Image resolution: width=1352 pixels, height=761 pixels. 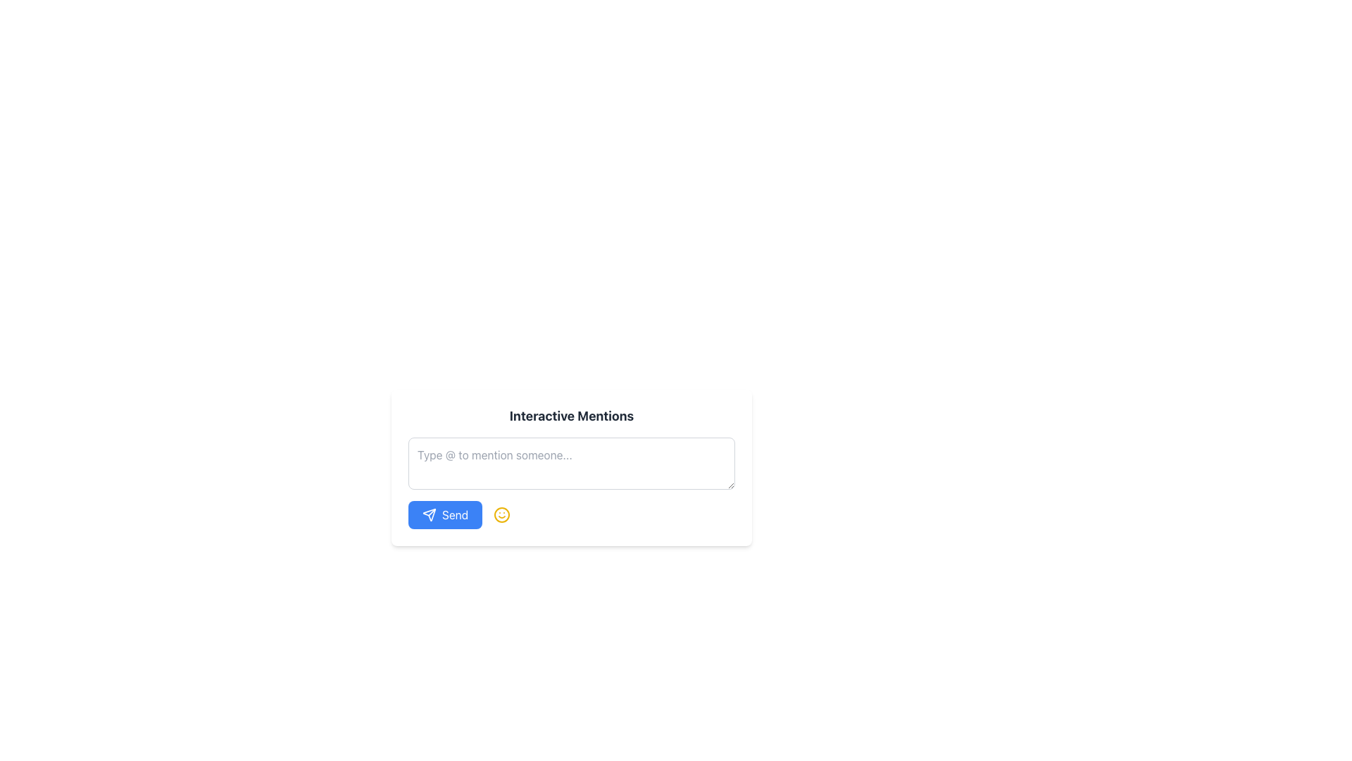 I want to click on the blue 'Send' button that contains the paper airplane icon, so click(x=428, y=515).